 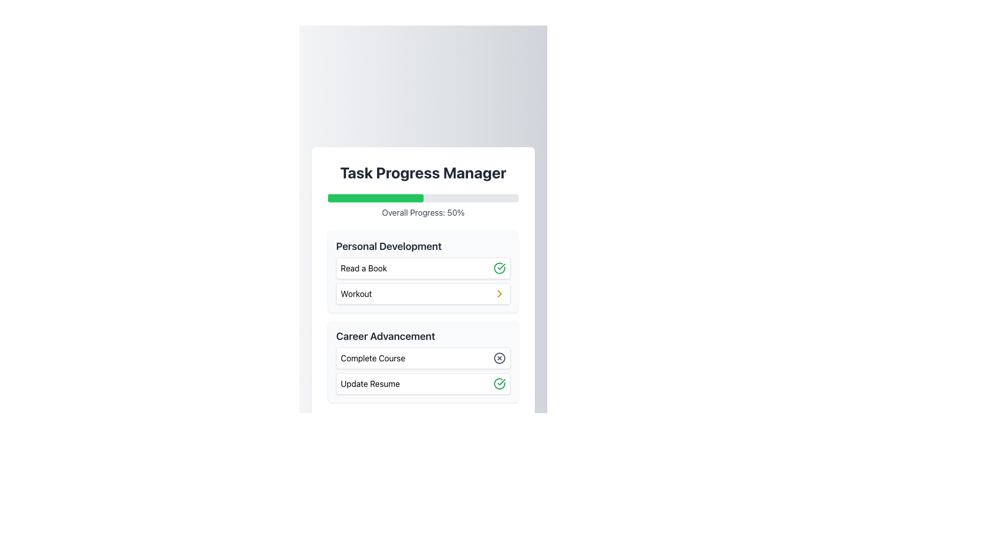 What do you see at coordinates (500, 293) in the screenshot?
I see `the right-pointing yellow chevron icon located at the far right of the 'Workout' box` at bounding box center [500, 293].